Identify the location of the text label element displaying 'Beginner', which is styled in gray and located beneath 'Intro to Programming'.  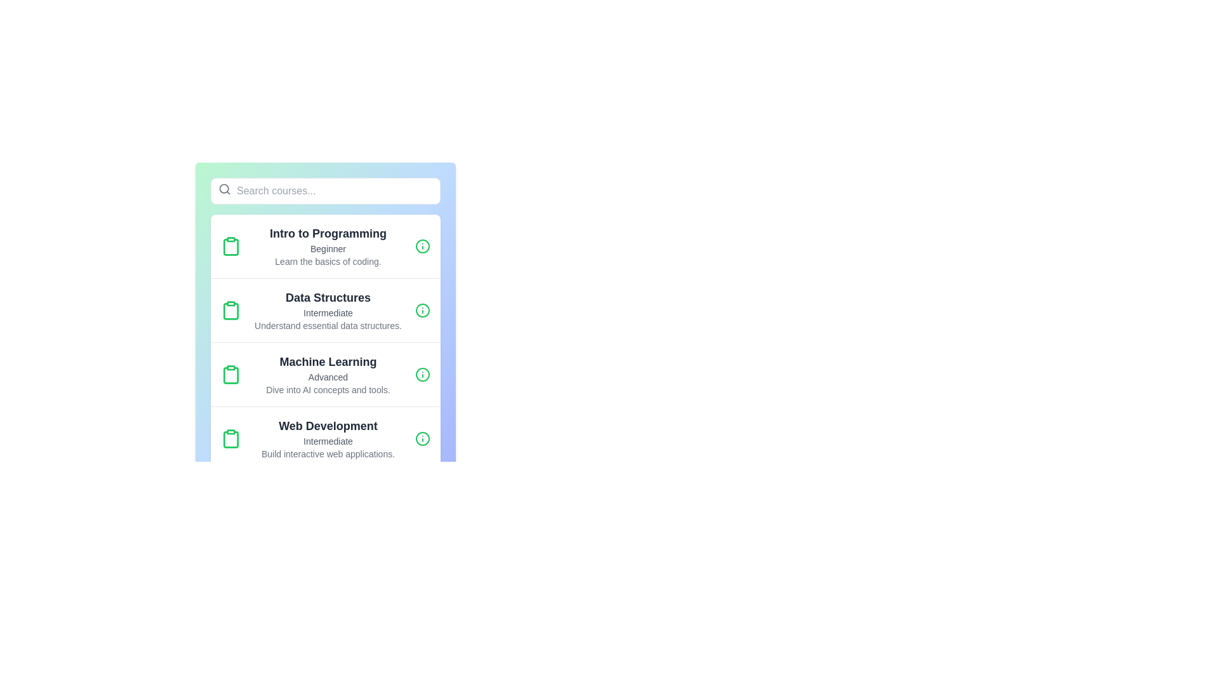
(328, 249).